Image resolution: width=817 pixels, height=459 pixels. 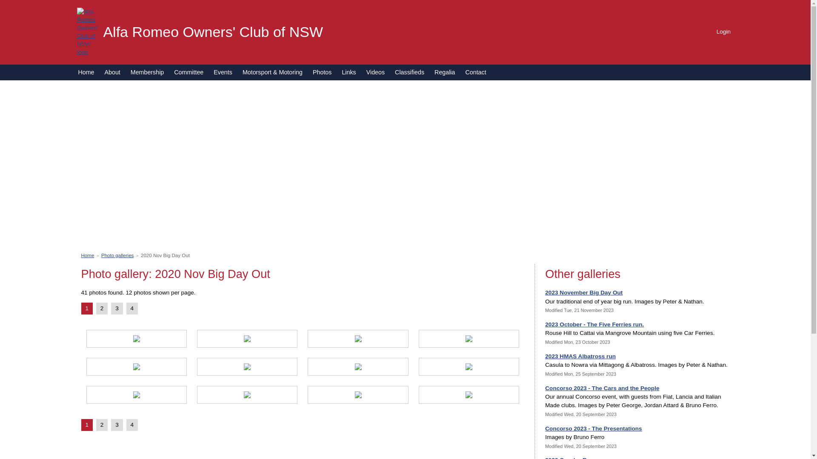 I want to click on 'Classifieds', so click(x=409, y=71).